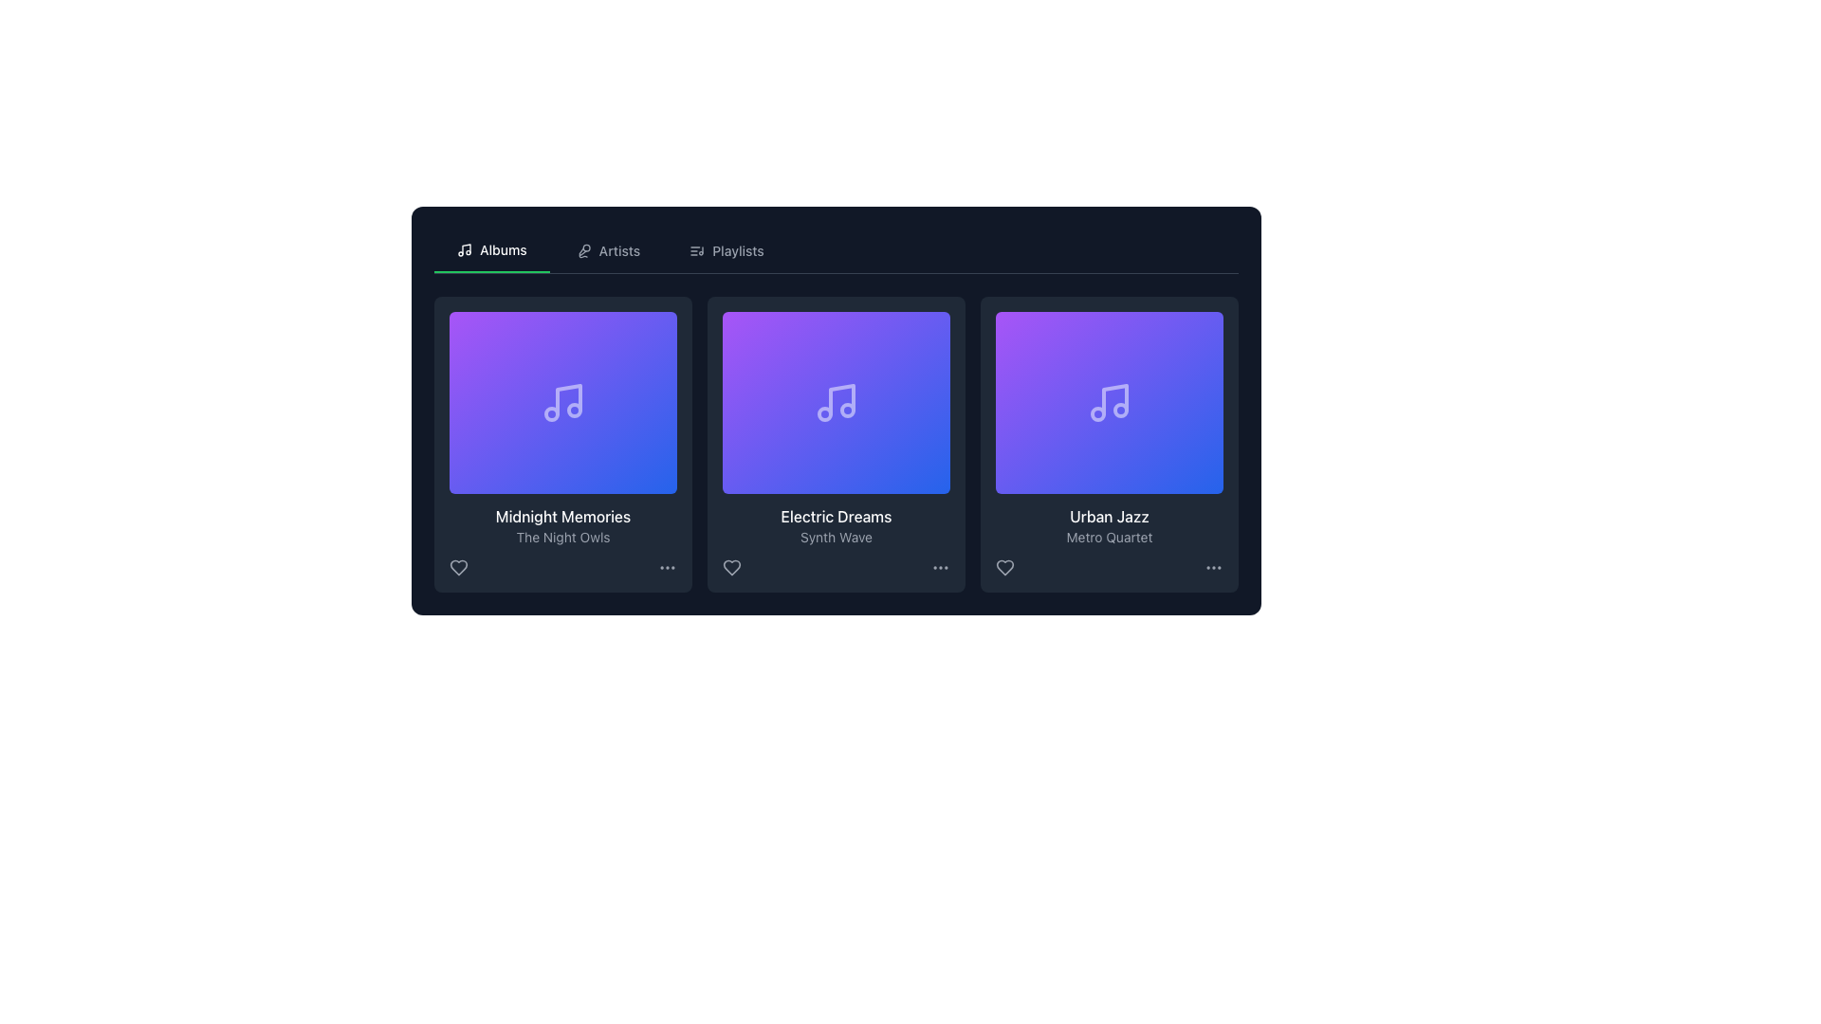 This screenshot has height=1024, width=1821. Describe the element at coordinates (459, 566) in the screenshot. I see `the heart icon button located at the bottom-left corner below the caption 'Midnight Memories'` at that location.